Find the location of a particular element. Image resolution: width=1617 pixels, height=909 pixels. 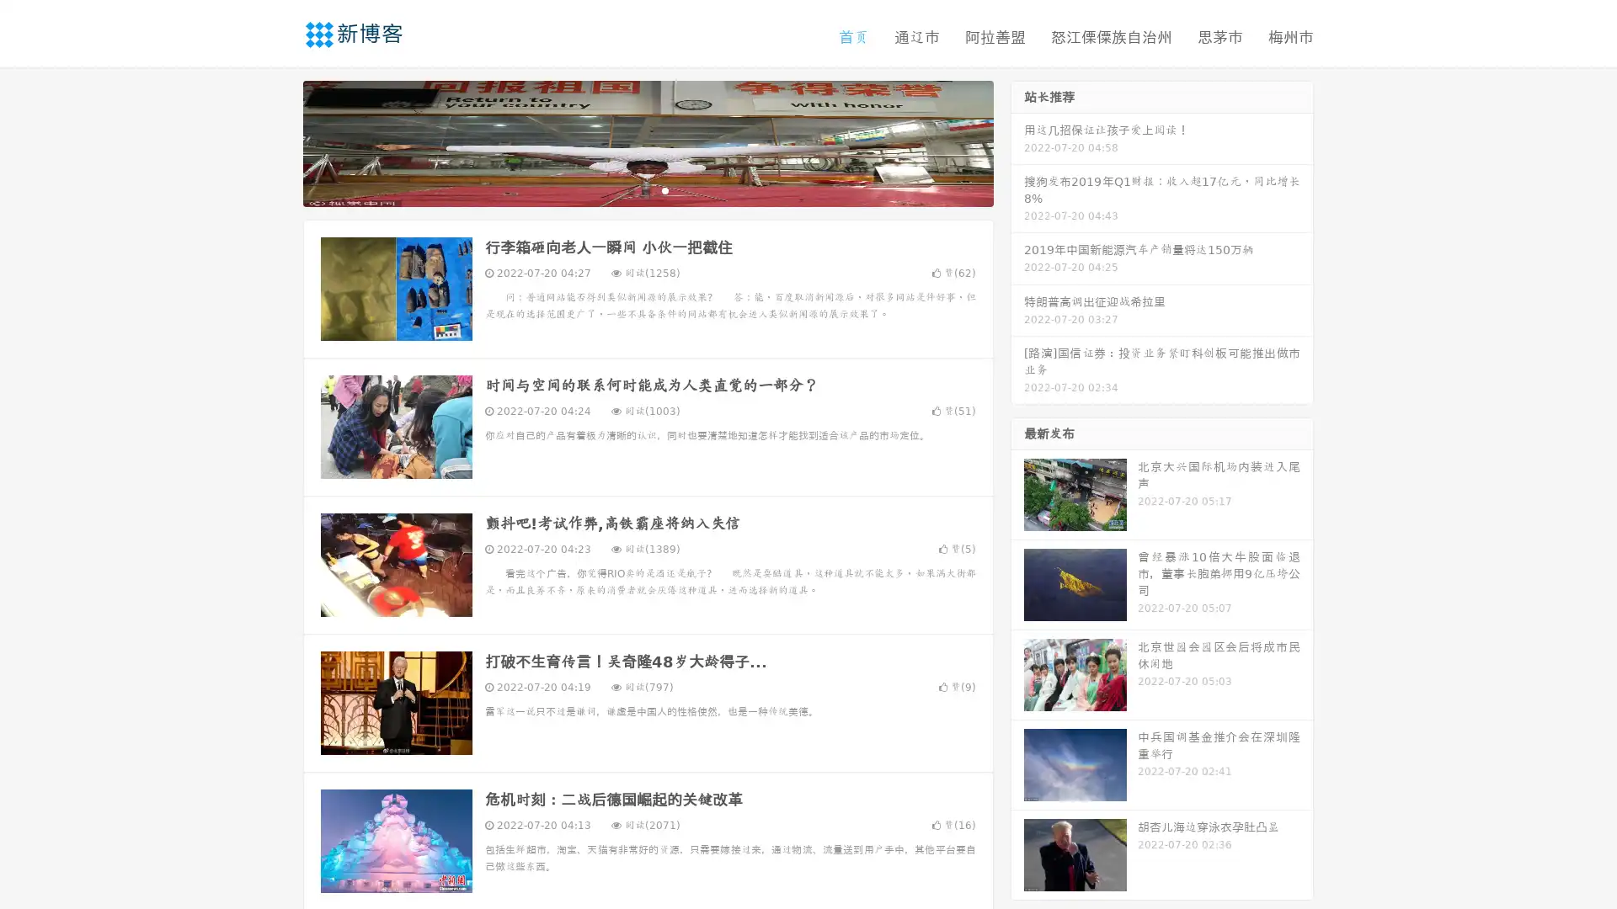

Go to slide 1 is located at coordinates (630, 189).